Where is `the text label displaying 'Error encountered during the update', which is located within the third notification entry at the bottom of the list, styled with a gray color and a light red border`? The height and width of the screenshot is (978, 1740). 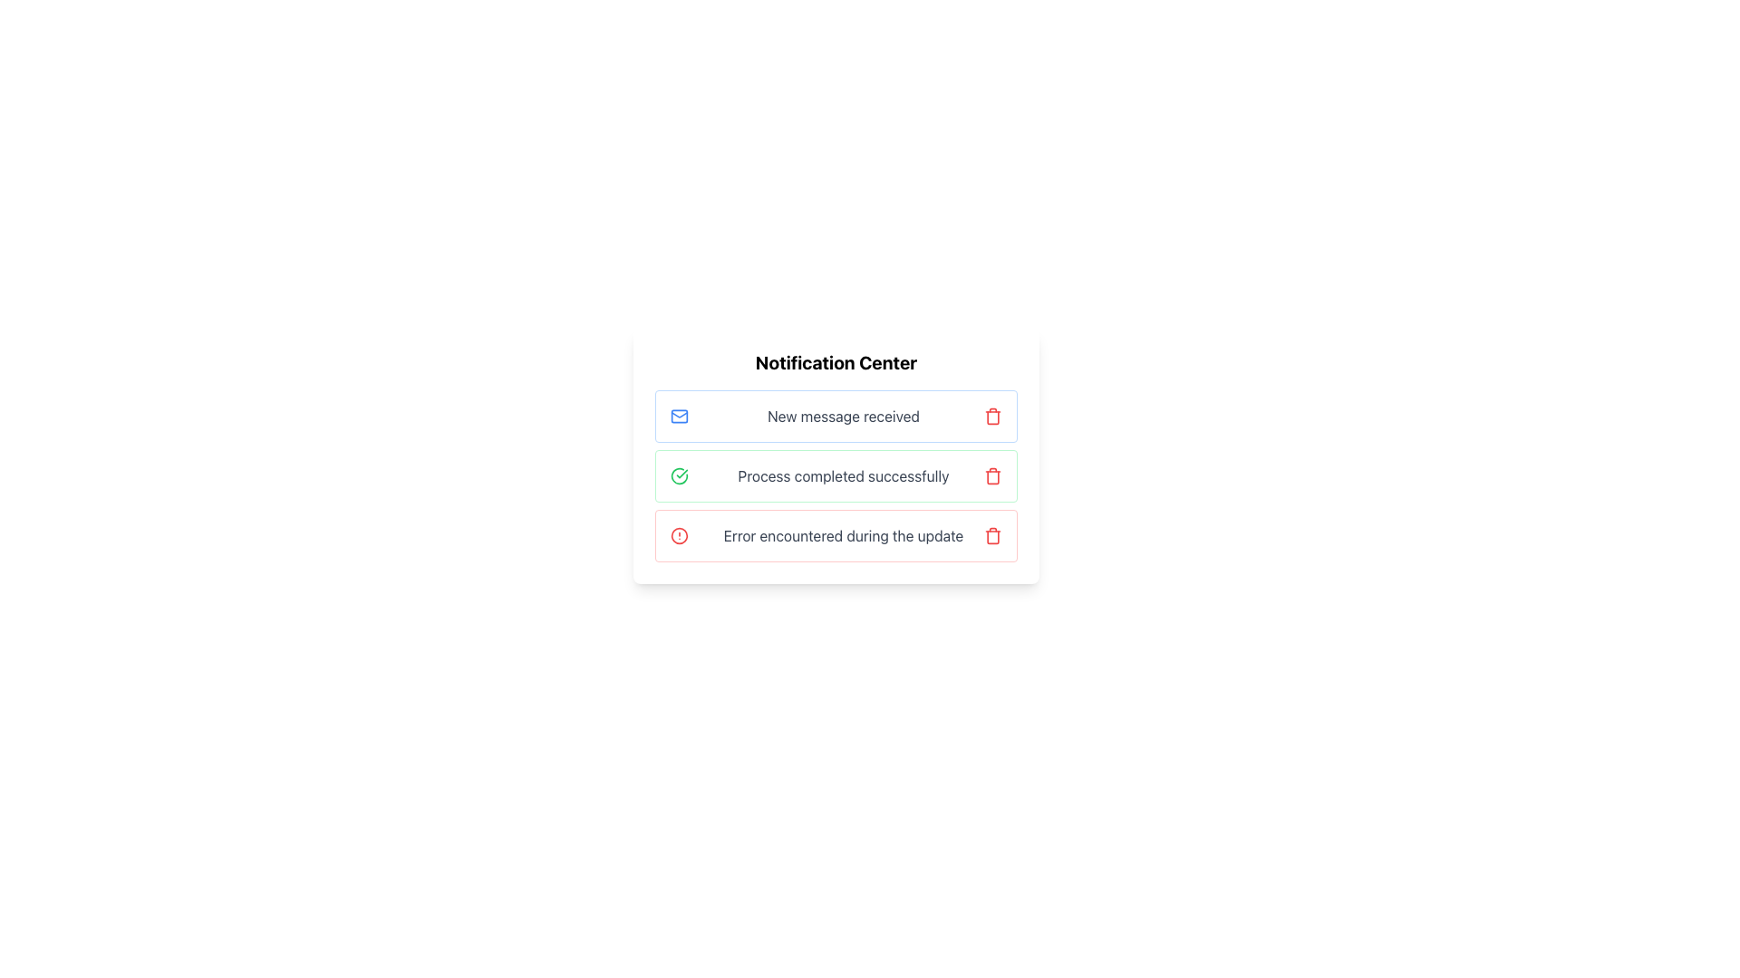
the text label displaying 'Error encountered during the update', which is located within the third notification entry at the bottom of the list, styled with a gray color and a light red border is located at coordinates (843, 534).